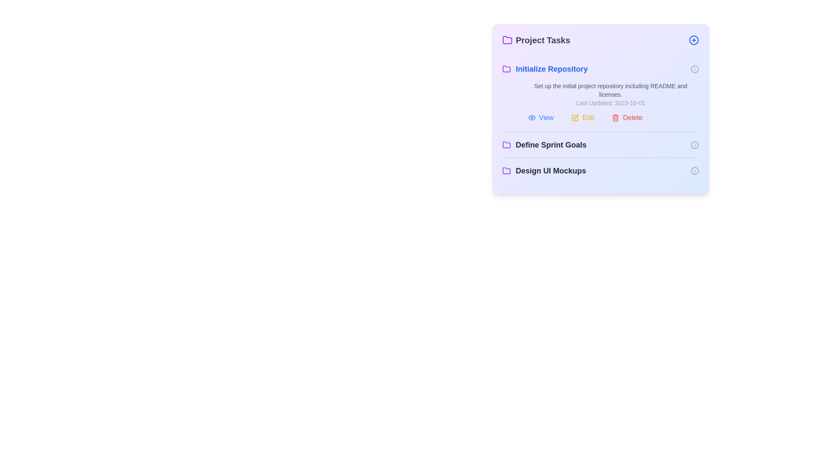 This screenshot has height=458, width=814. I want to click on the folder icon representing the grouping of tasks under the 'Project Tasks' category by moving the cursor to its center, so click(506, 170).